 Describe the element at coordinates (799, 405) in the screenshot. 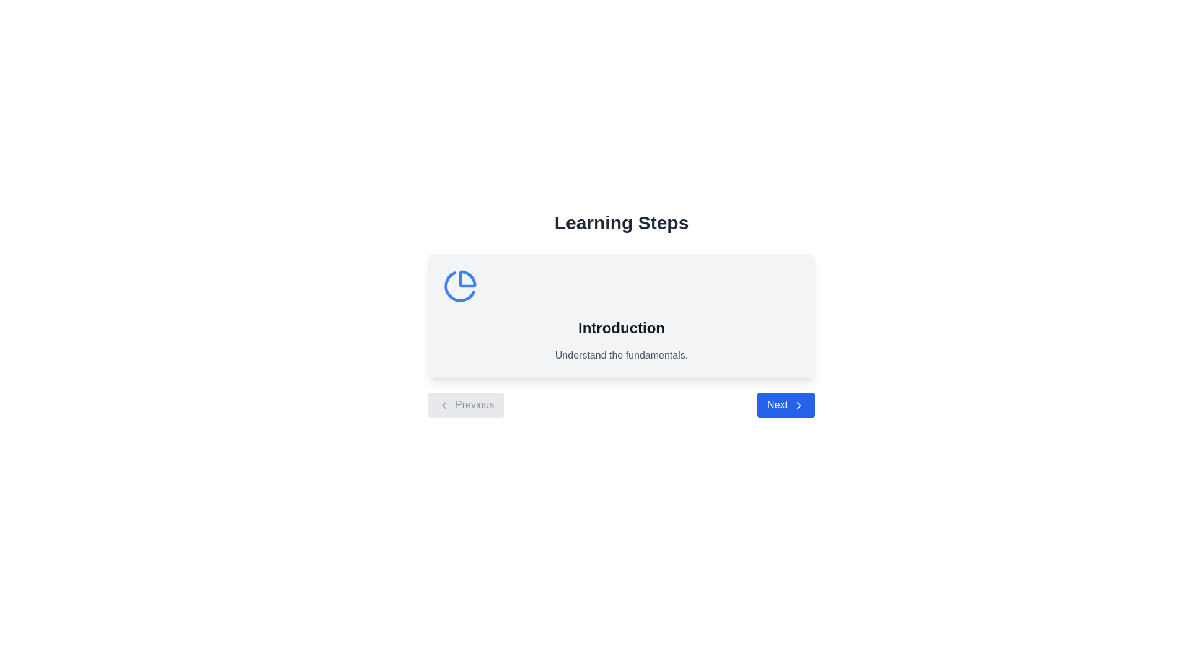

I see `the rightward-pointing chevron icon within the blue 'Next' button as a visual cue` at that location.